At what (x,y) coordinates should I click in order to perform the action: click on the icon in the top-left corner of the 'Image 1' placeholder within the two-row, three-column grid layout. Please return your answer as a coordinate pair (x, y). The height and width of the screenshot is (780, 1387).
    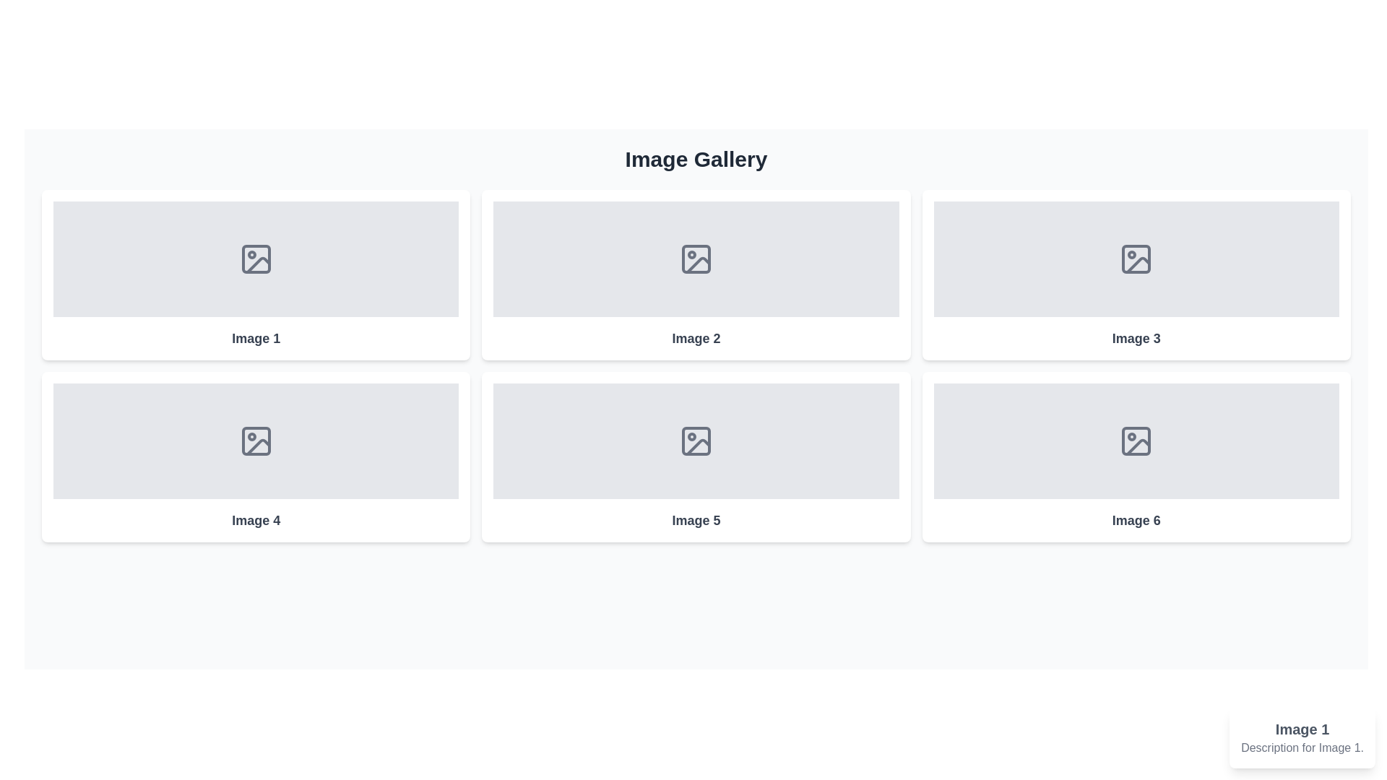
    Looking at the image, I should click on (256, 258).